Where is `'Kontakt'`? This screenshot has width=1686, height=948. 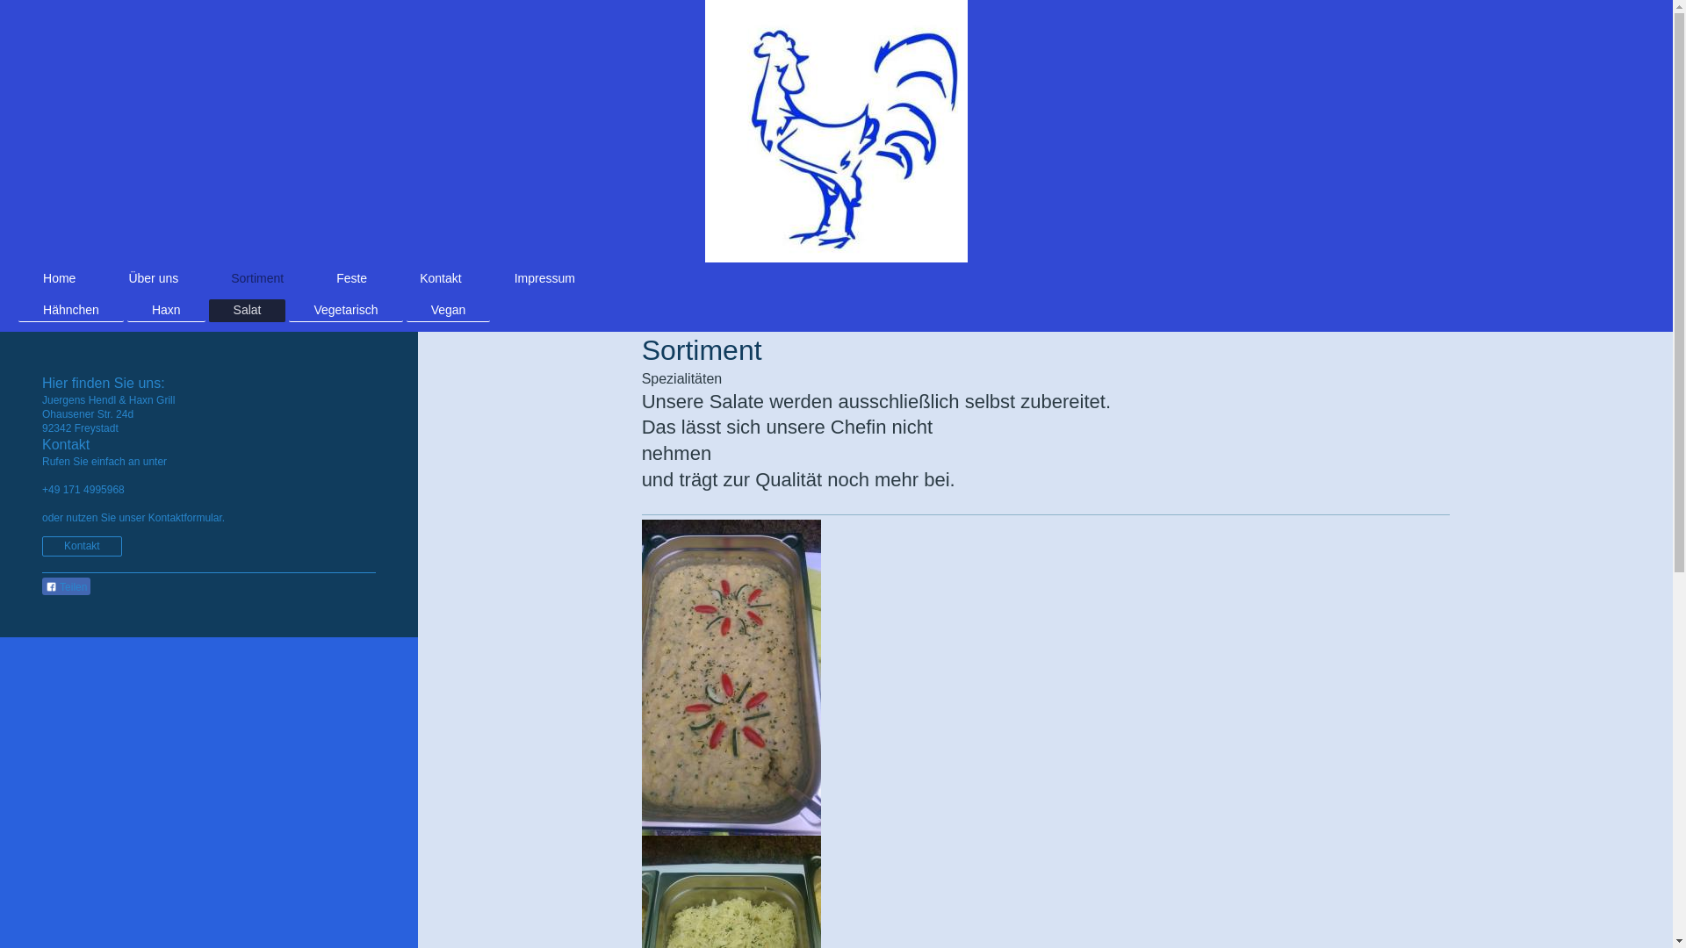
'Kontakt' is located at coordinates (81, 545).